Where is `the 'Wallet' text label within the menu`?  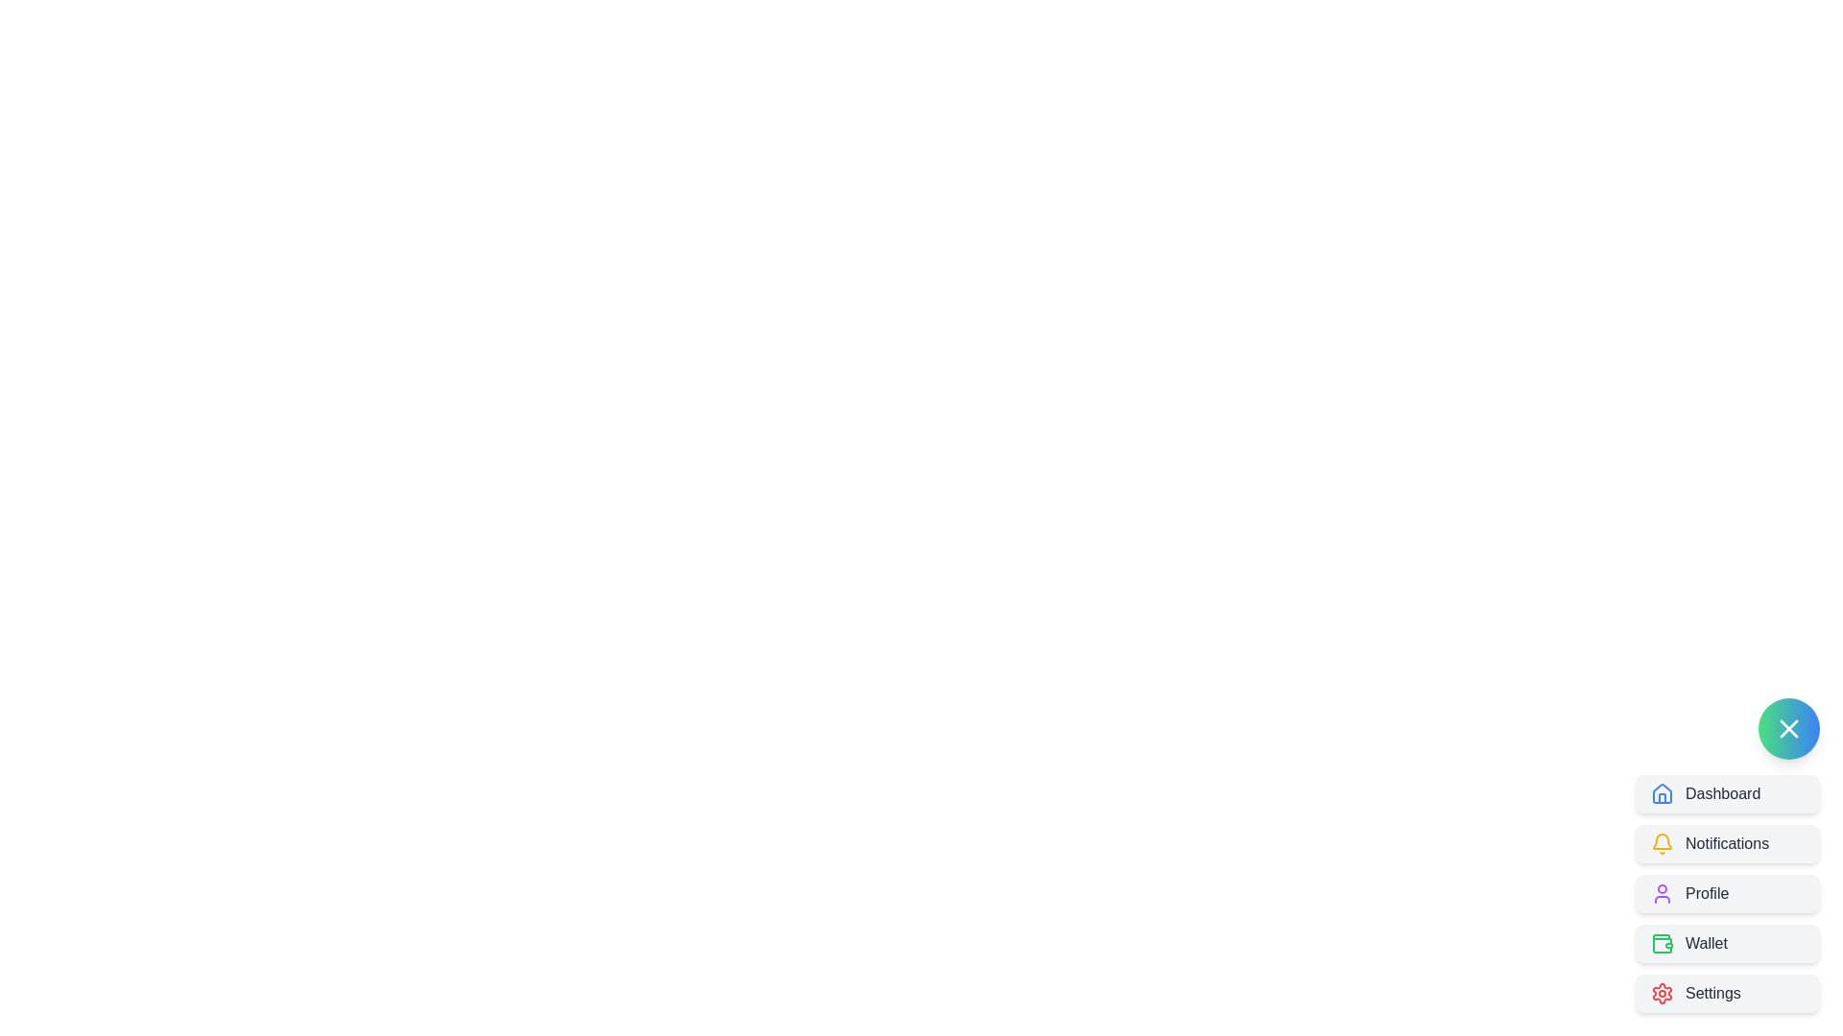
the 'Wallet' text label within the menu is located at coordinates (1706, 942).